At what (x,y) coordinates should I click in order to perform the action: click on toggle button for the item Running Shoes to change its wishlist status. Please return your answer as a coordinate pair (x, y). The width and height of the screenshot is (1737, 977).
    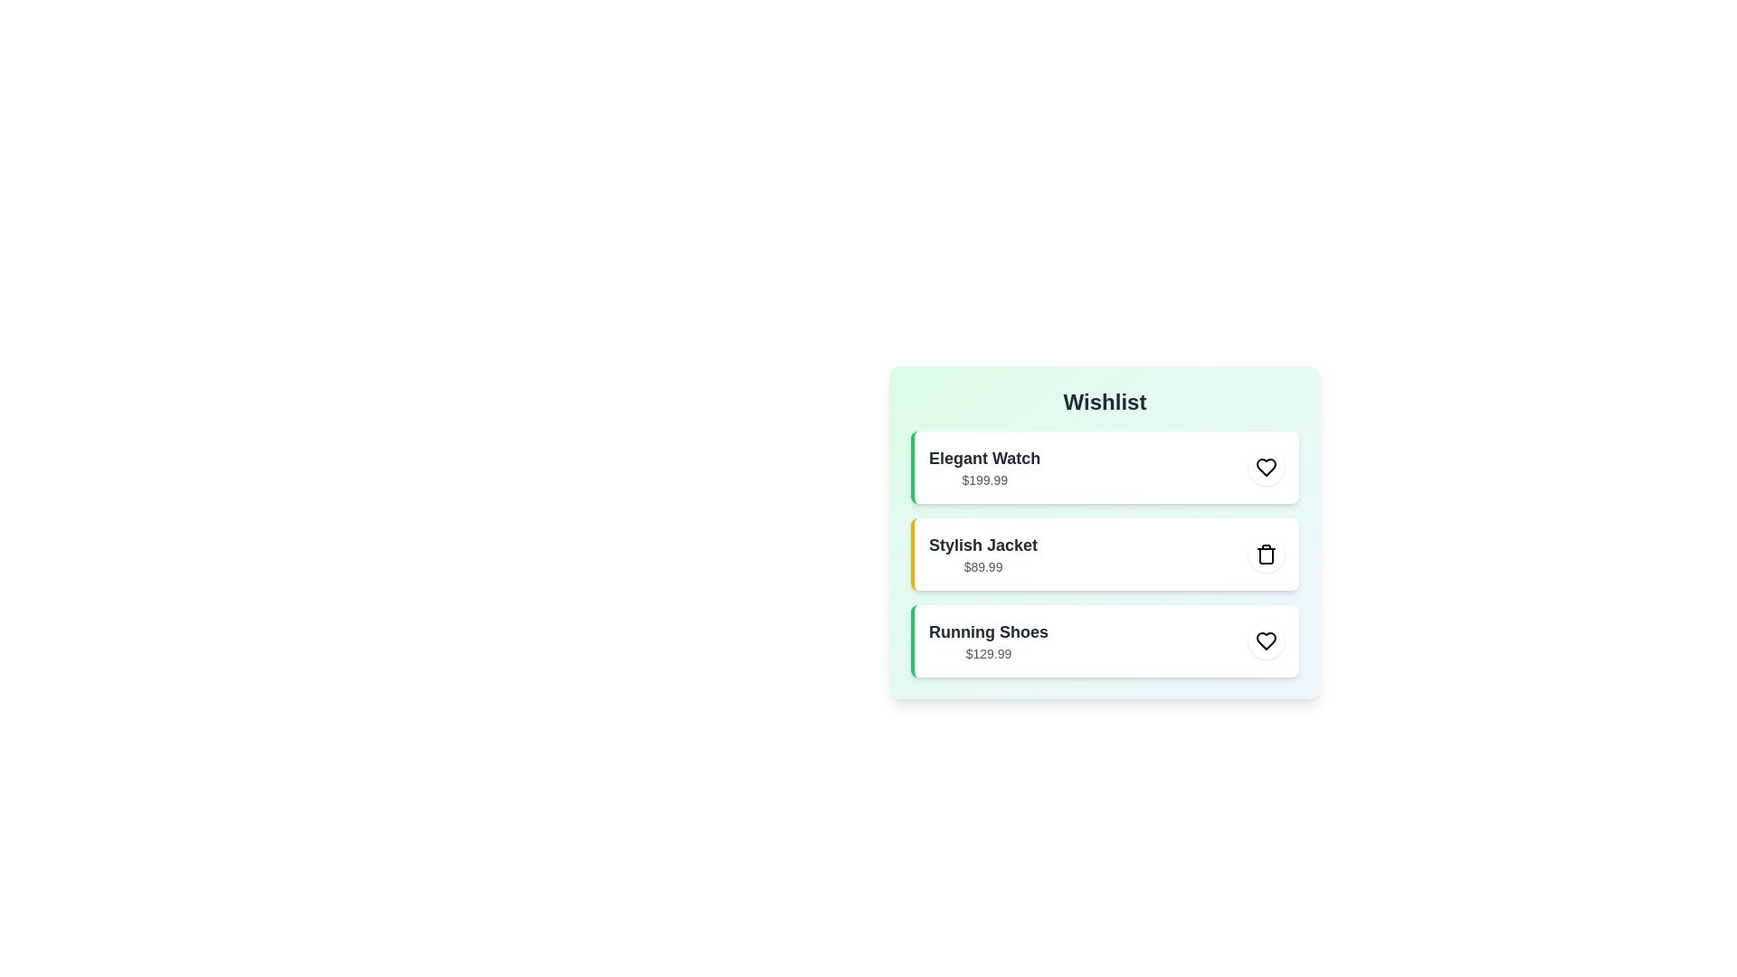
    Looking at the image, I should click on (1266, 640).